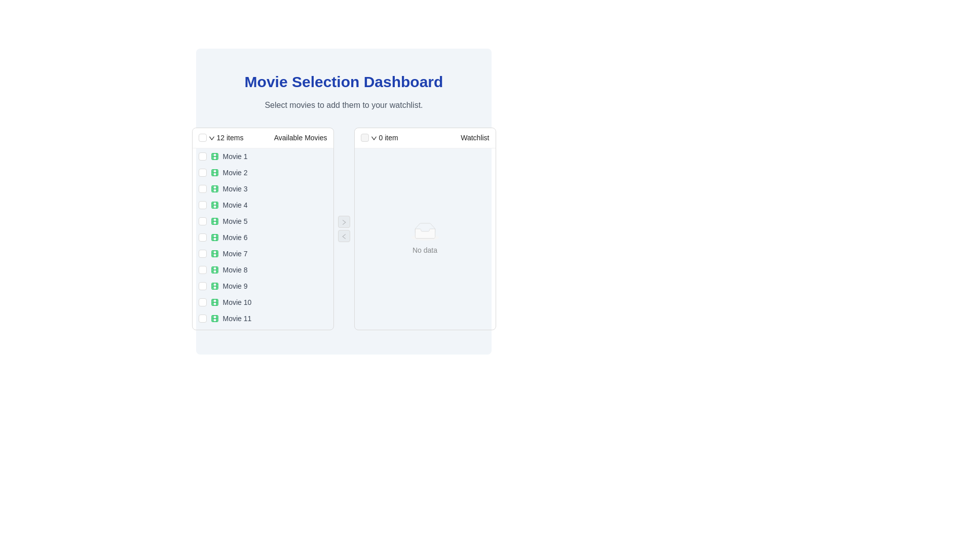 This screenshot has height=547, width=973. What do you see at coordinates (235, 286) in the screenshot?
I see `text label representing the movie titled 'Movie 9', which is the ninth entry in the 'Available Movies' list located in the middle-left section of the interface` at bounding box center [235, 286].